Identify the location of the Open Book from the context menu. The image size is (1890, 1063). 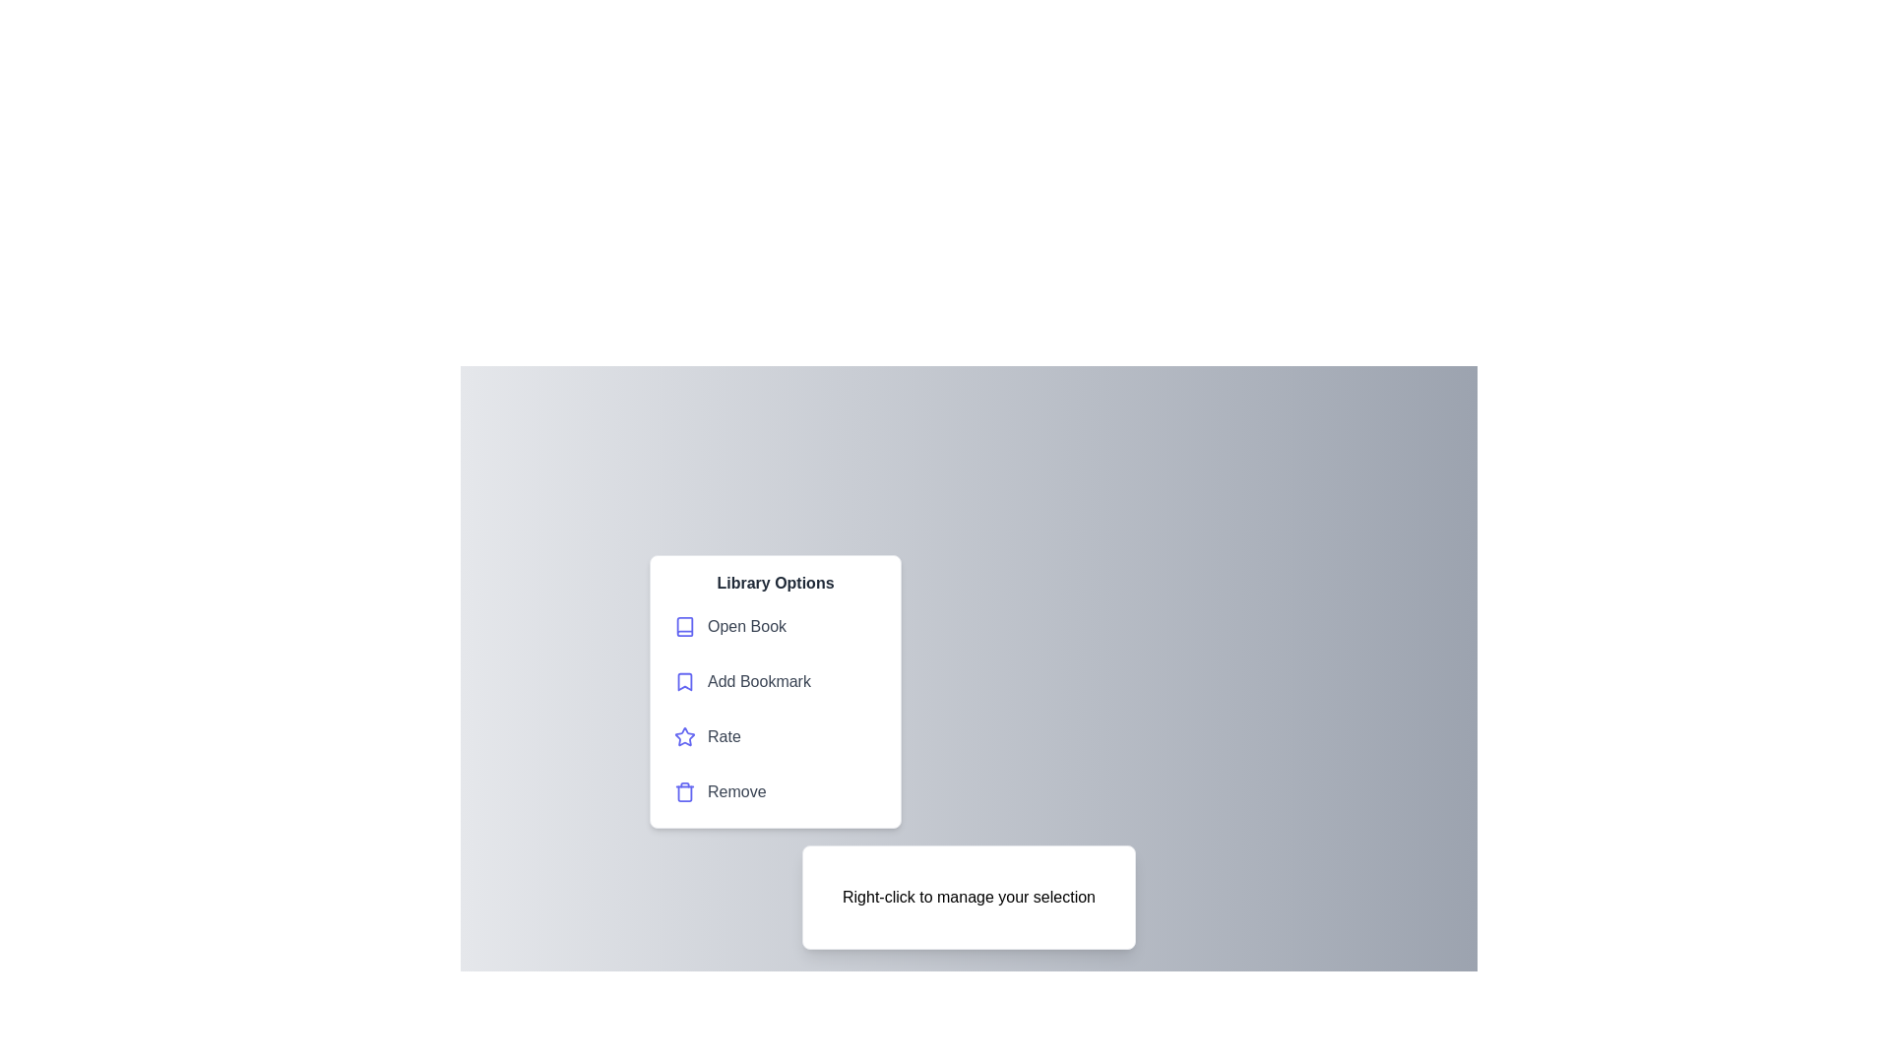
(774, 626).